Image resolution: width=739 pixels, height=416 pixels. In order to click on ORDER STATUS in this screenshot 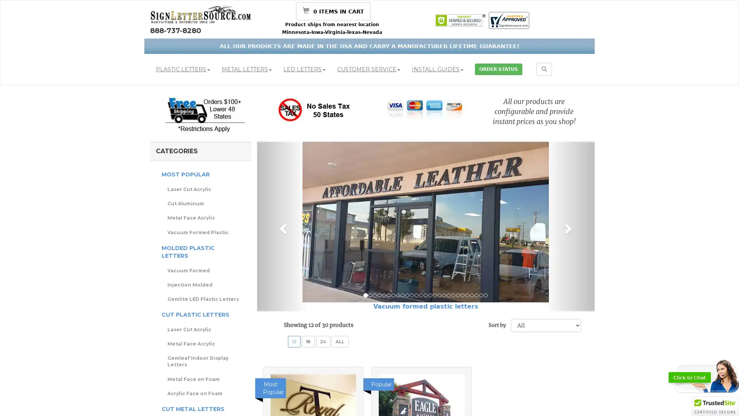, I will do `click(498, 69)`.